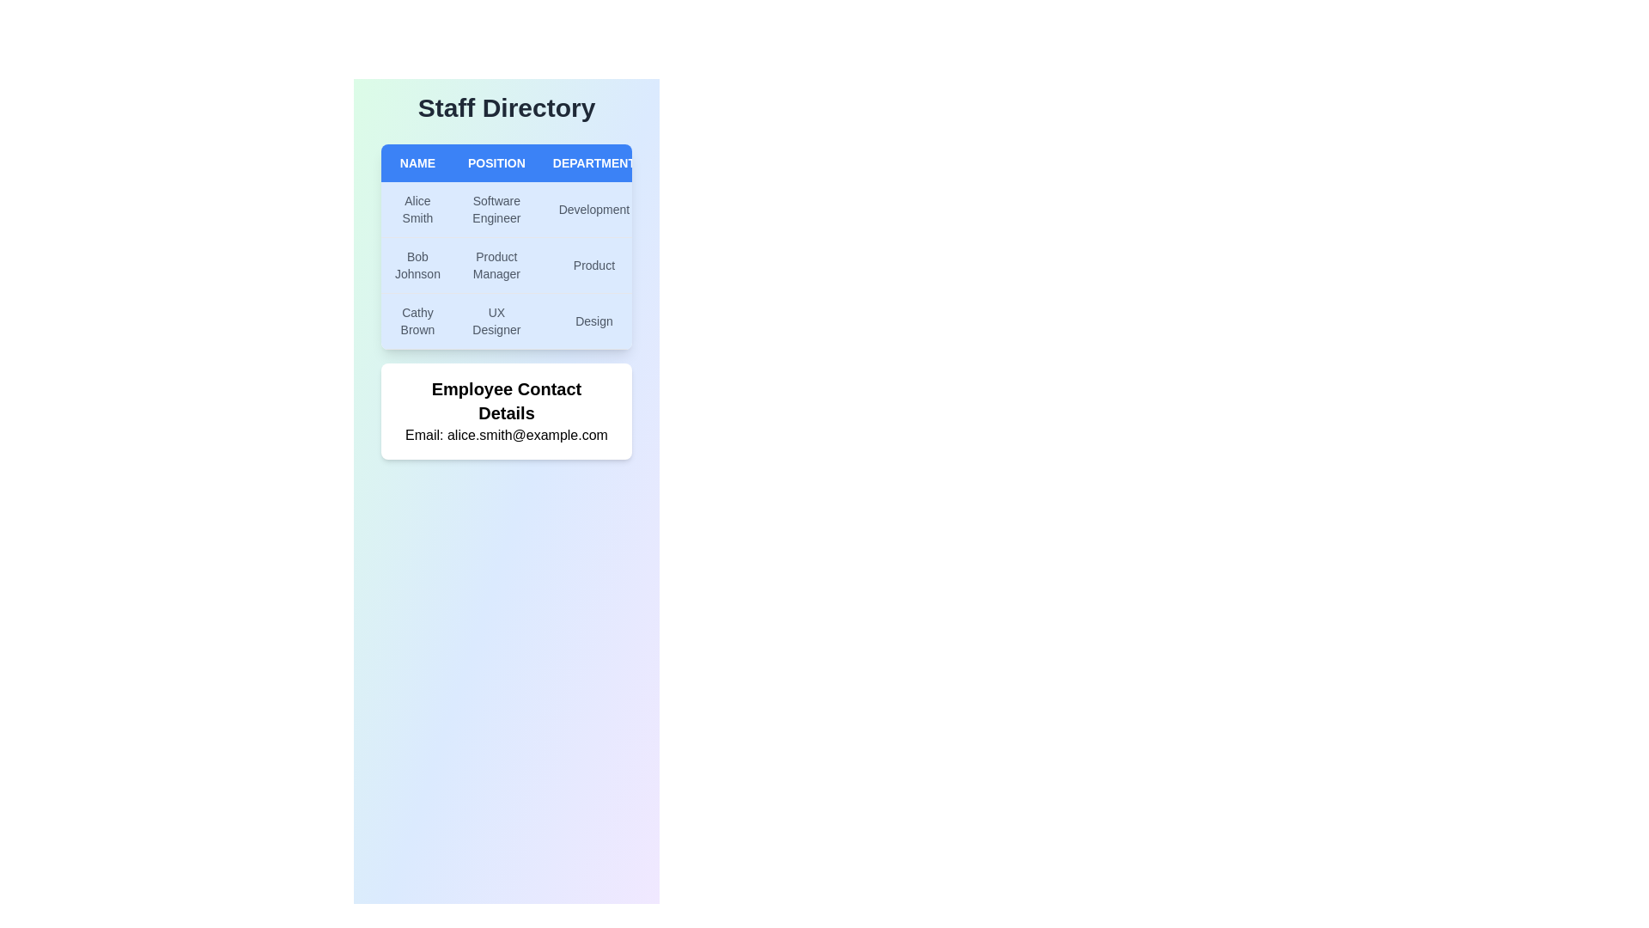 The width and height of the screenshot is (1649, 928). What do you see at coordinates (593, 209) in the screenshot?
I see `the 'Development' text label located in the 'DEPARTMENT' column of the table row for 'Alice Smith', which is embedded in a light blue cell` at bounding box center [593, 209].